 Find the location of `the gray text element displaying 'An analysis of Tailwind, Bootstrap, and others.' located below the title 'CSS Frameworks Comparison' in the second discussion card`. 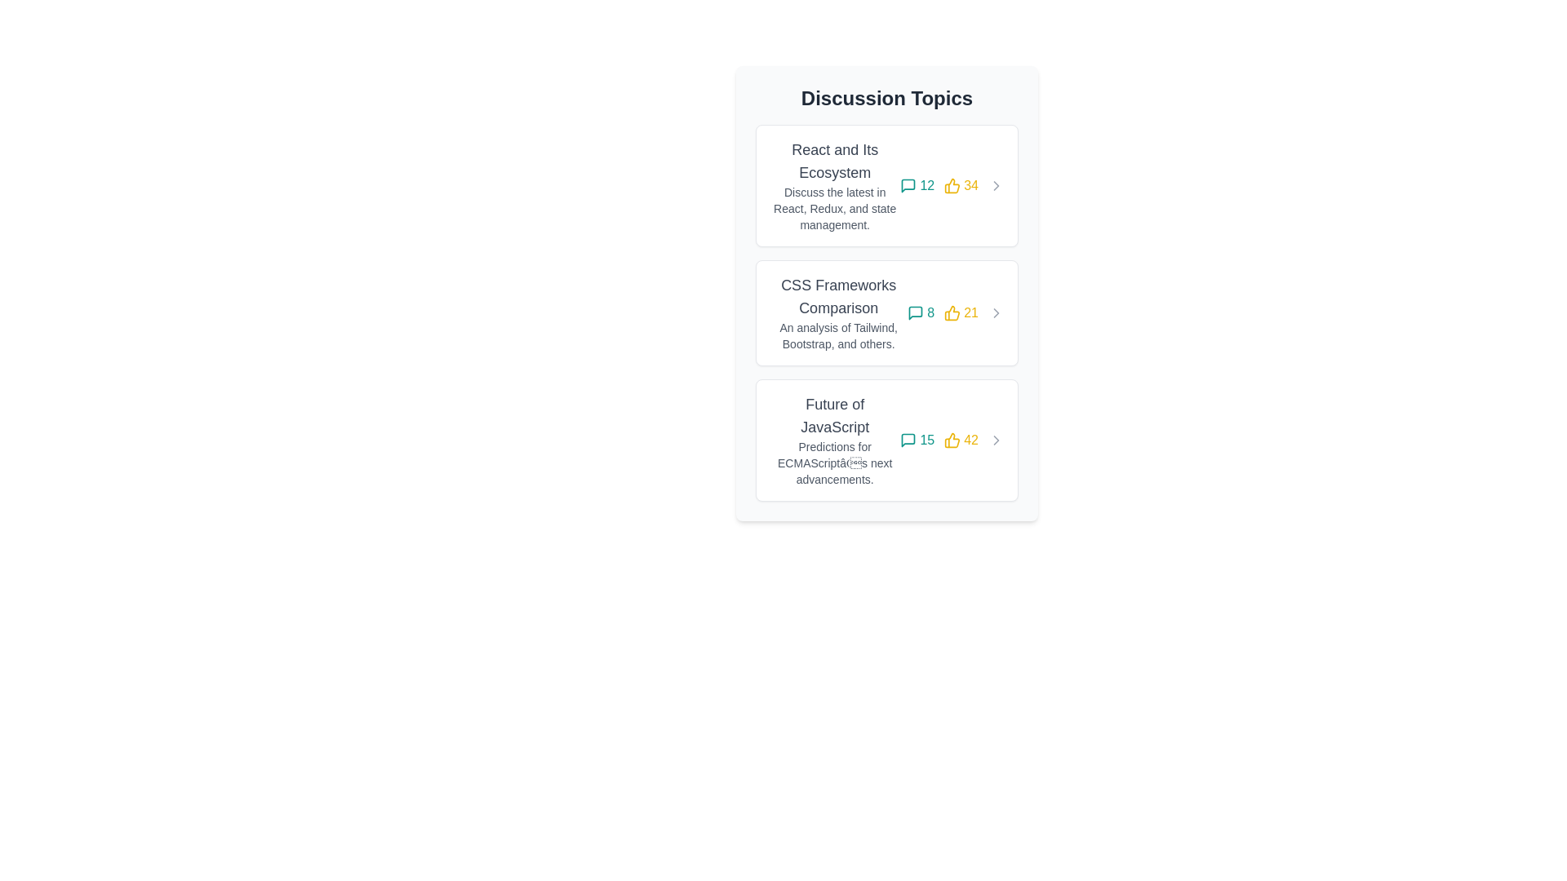

the gray text element displaying 'An analysis of Tailwind, Bootstrap, and others.' located below the title 'CSS Frameworks Comparison' in the second discussion card is located at coordinates (838, 335).